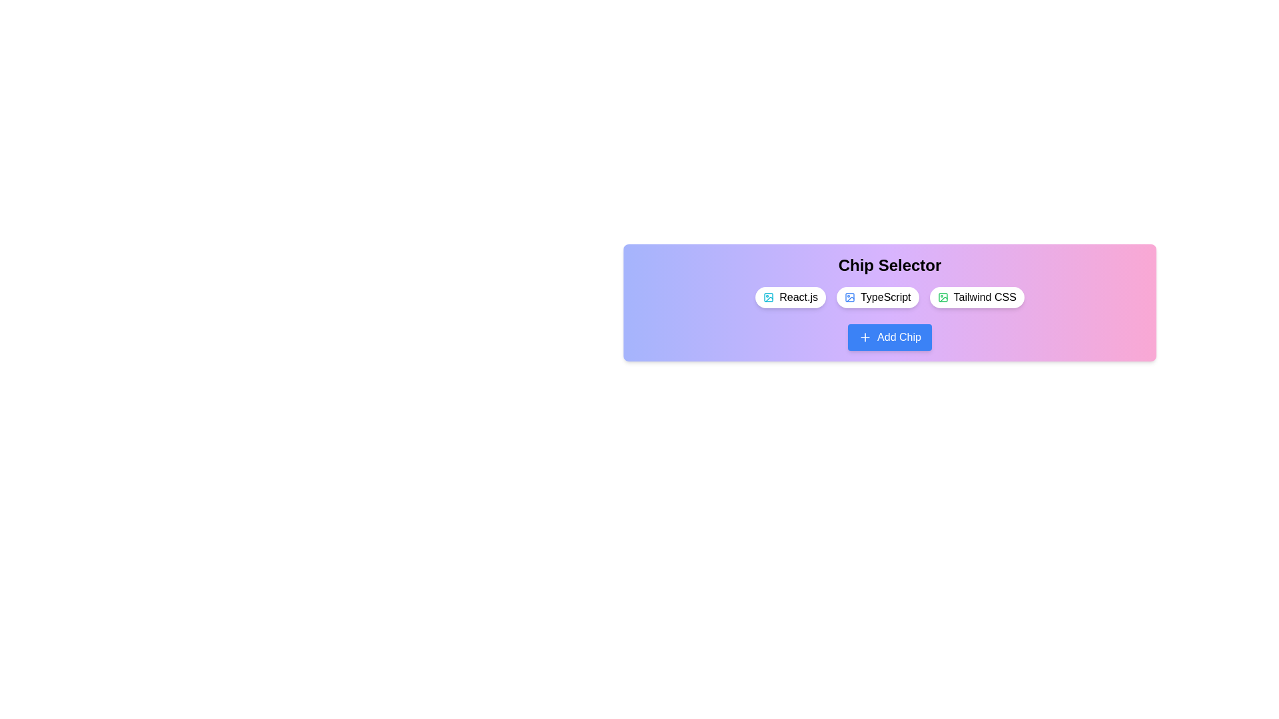 Image resolution: width=1279 pixels, height=719 pixels. Describe the element at coordinates (985, 297) in the screenshot. I see `the 'Tailwind CSS' text label, which is located inside the third chip from the left in the row of chips labeled 'React.js', 'TypeScript', and 'Tailwind CSS'. The text is displayed in black color within a rounded rectangular chip with a white background` at that location.